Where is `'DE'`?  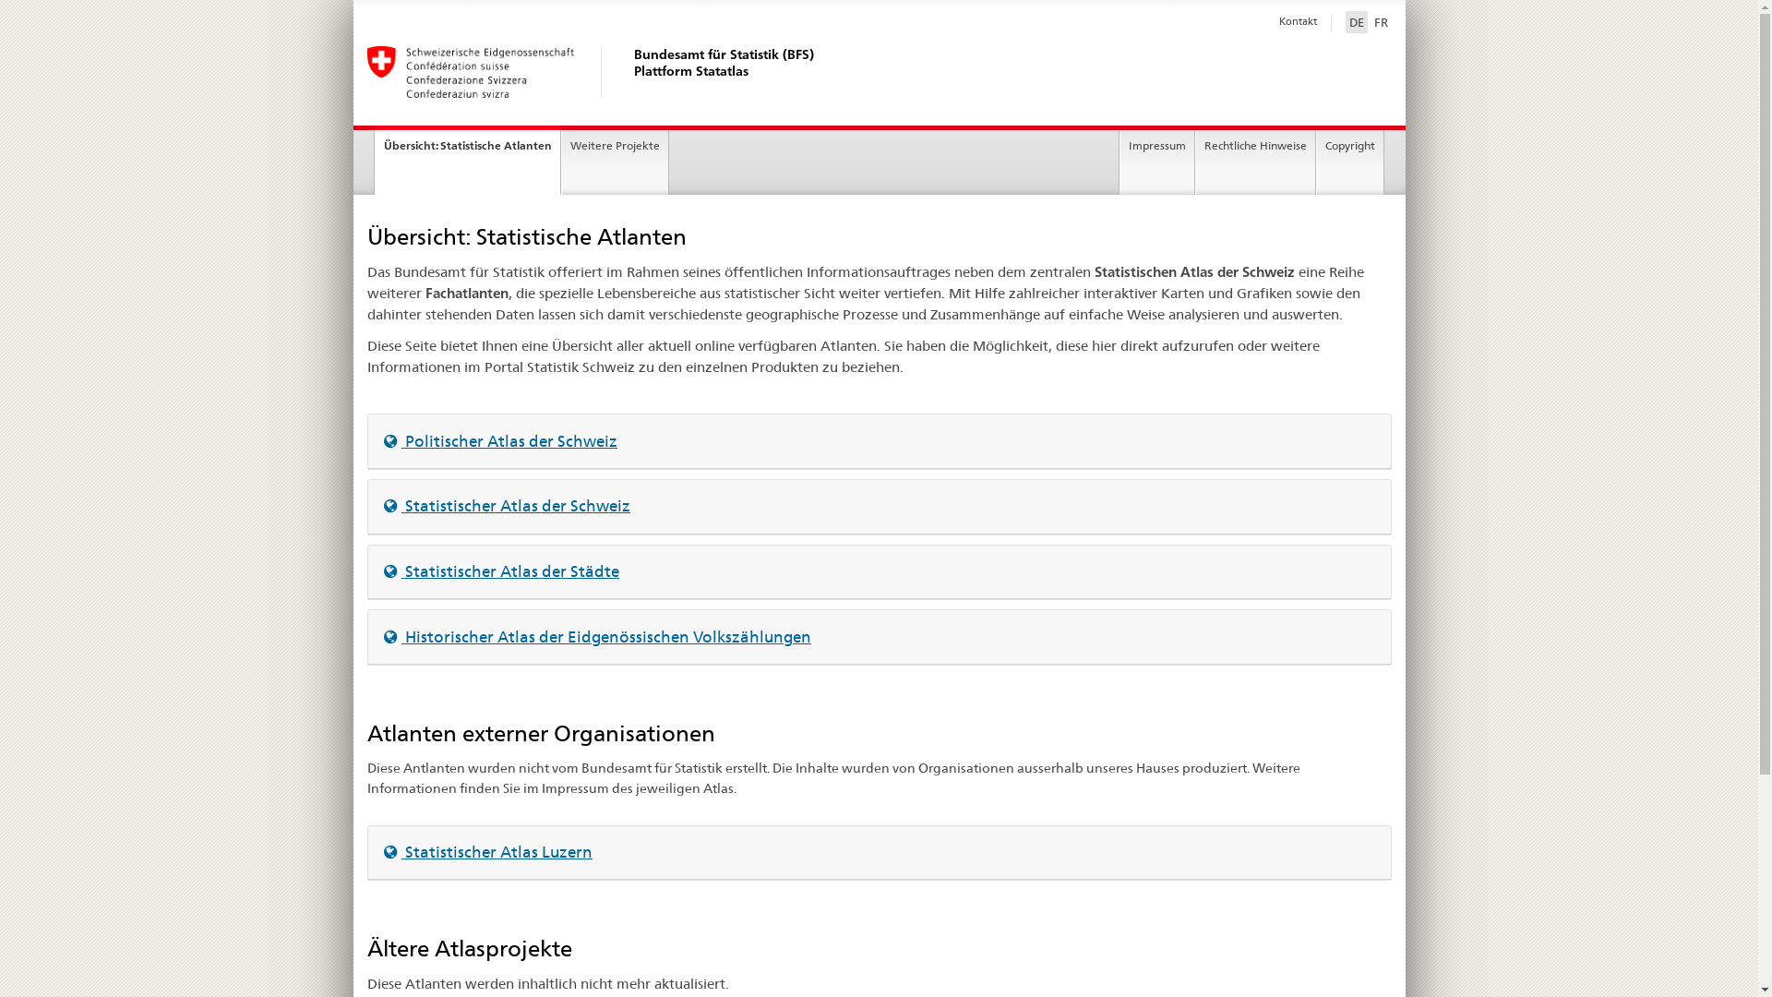 'DE' is located at coordinates (1356, 21).